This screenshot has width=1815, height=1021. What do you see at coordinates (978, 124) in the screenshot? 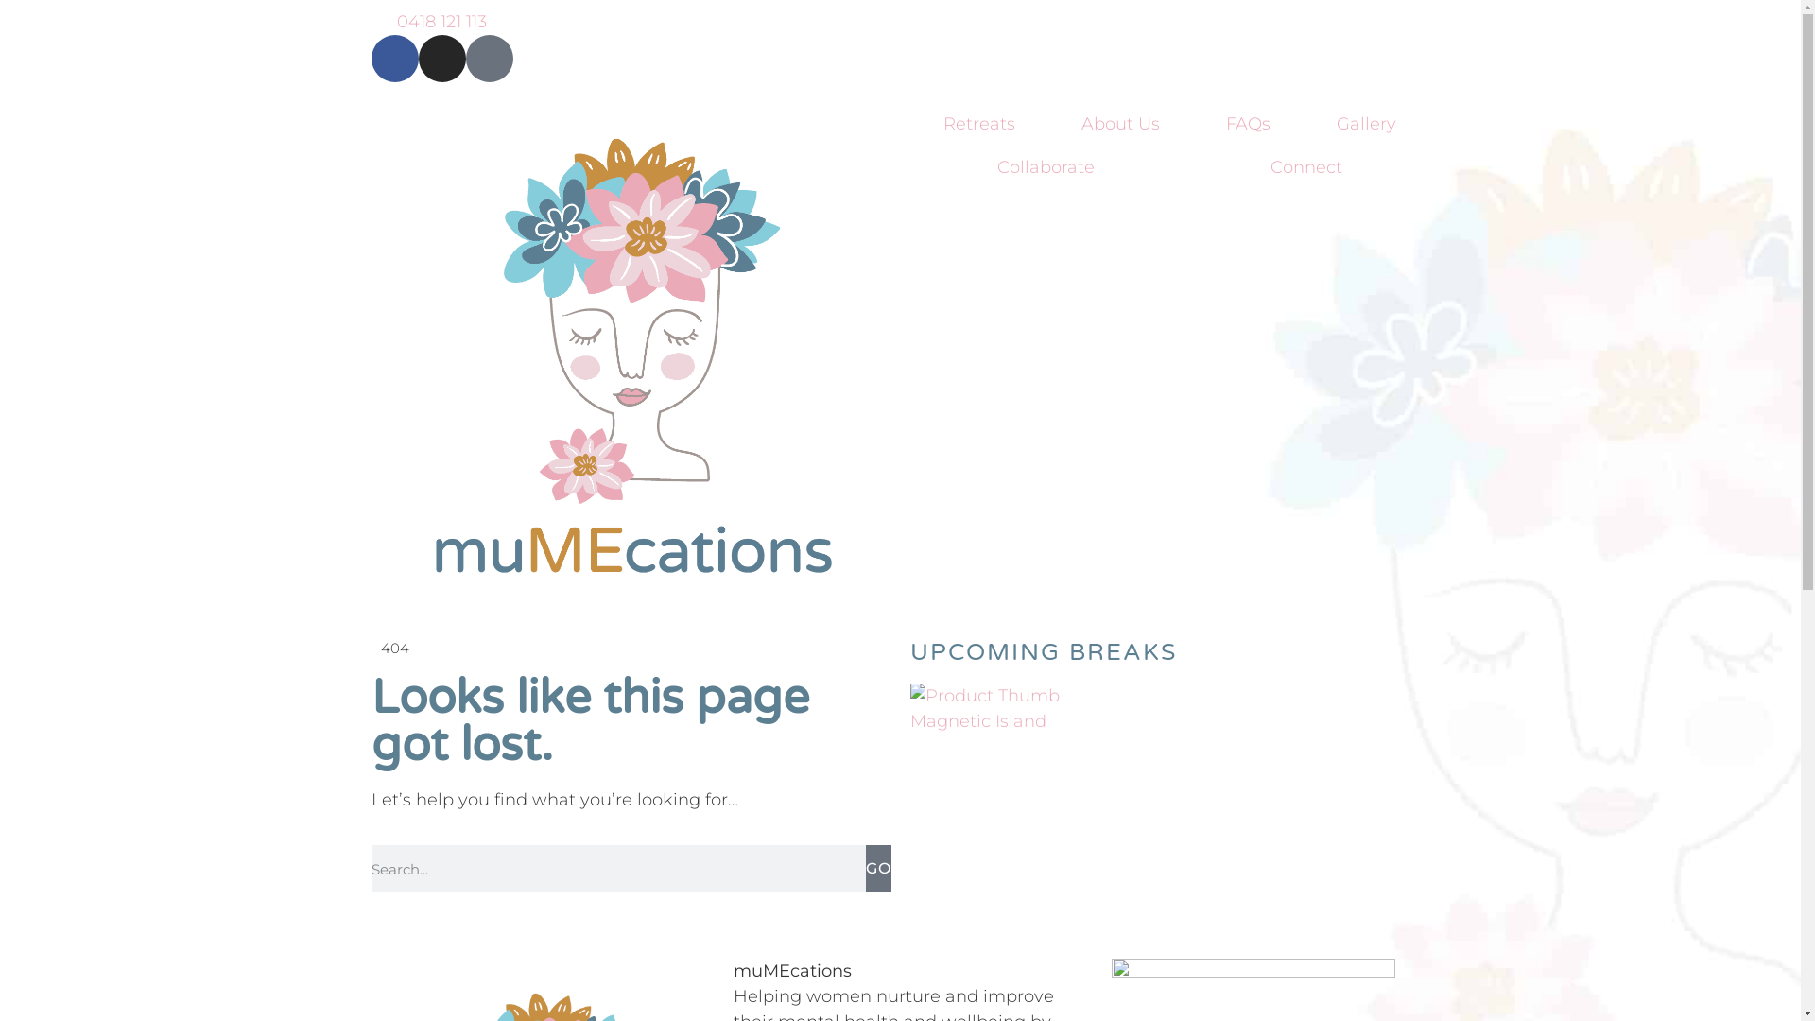
I see `'Retreats'` at bounding box center [978, 124].